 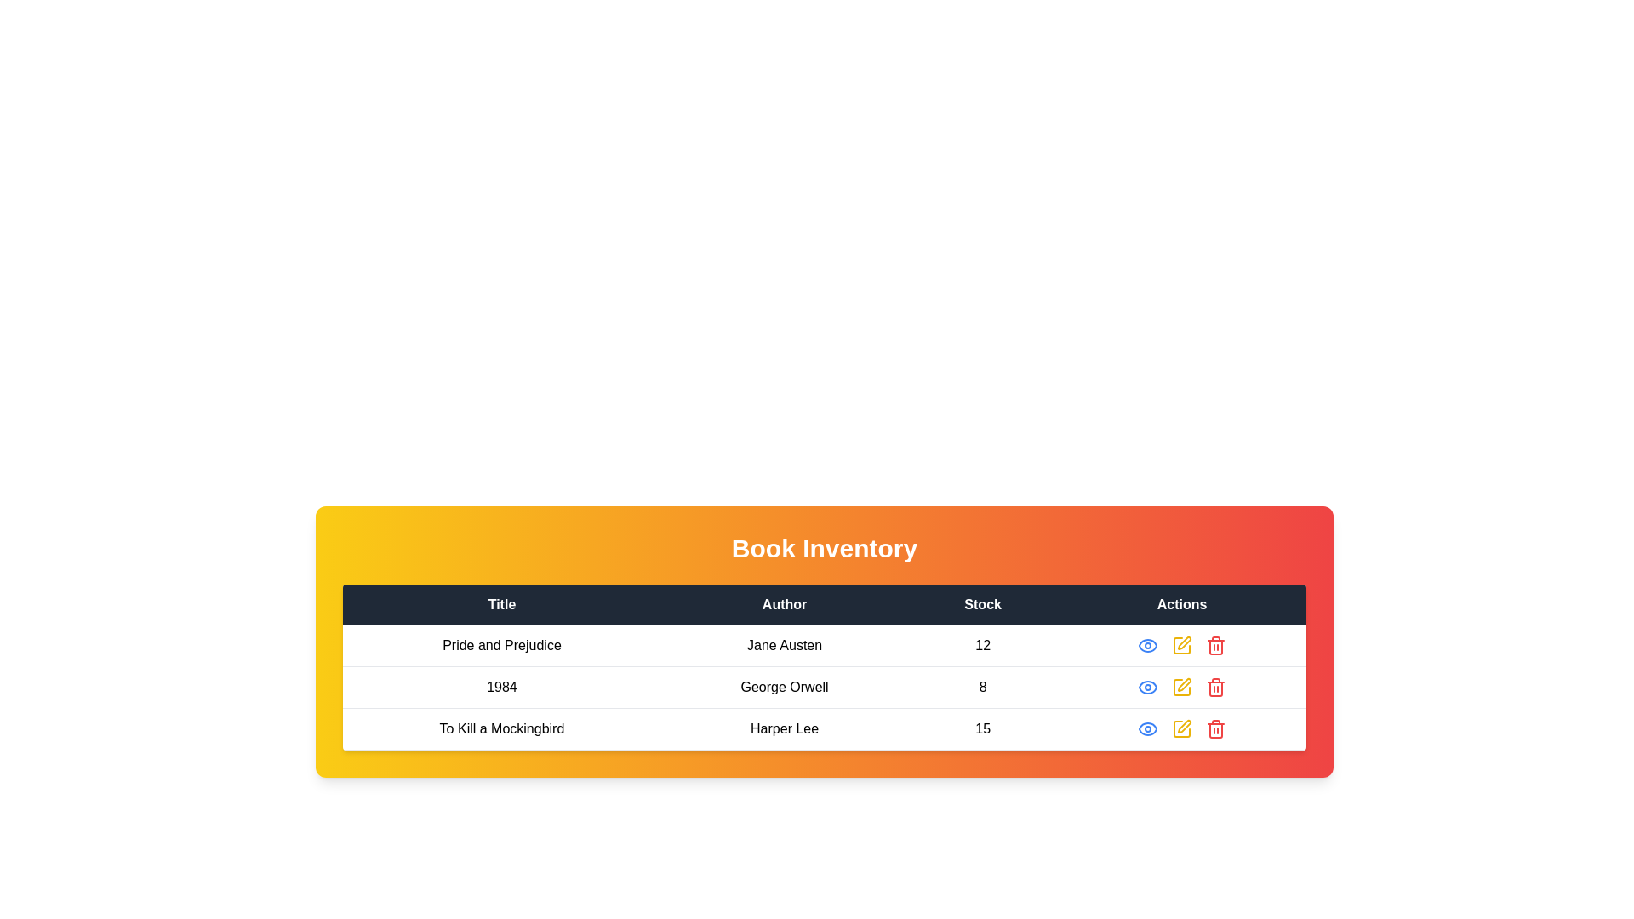 I want to click on the yellow pencil icon, so click(x=1181, y=728).